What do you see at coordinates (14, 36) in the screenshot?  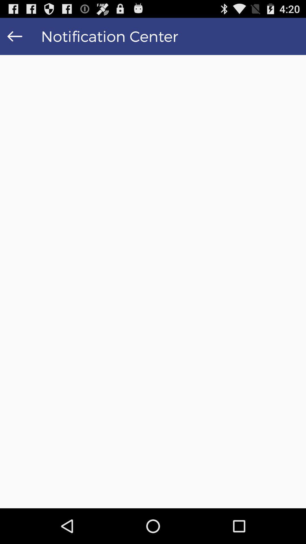 I see `the item next to the notification center` at bounding box center [14, 36].